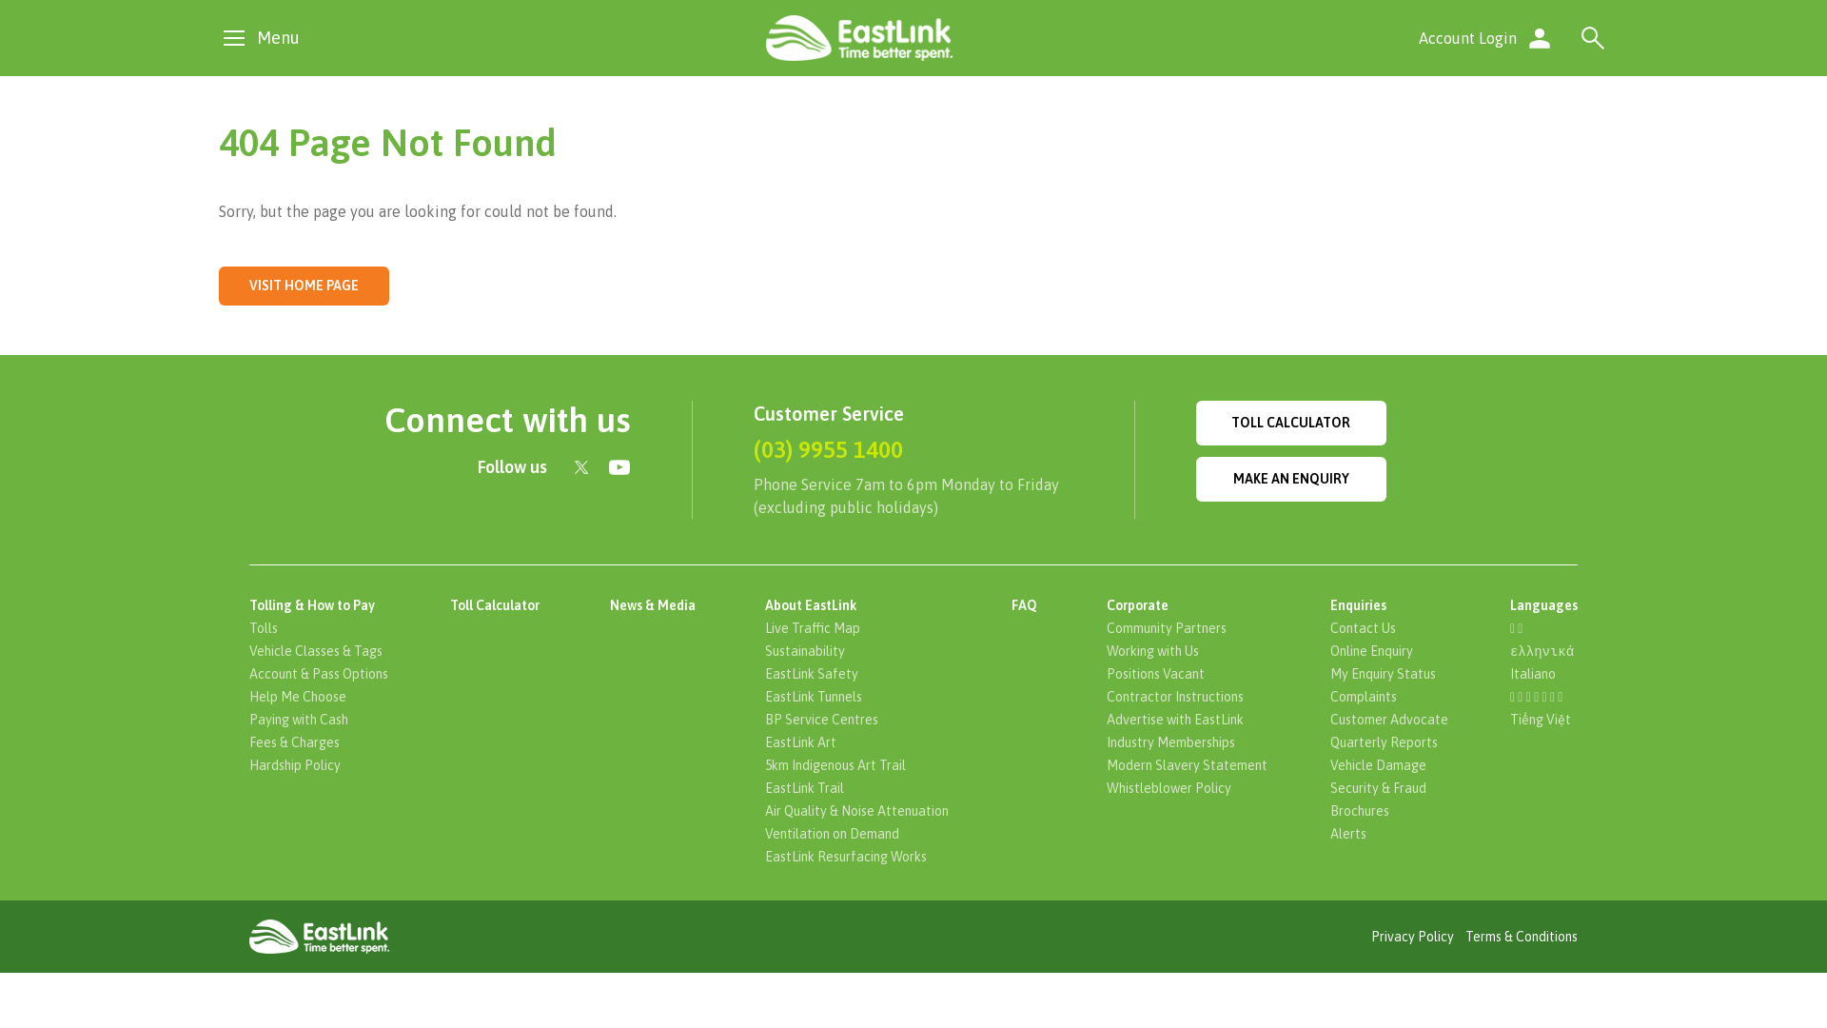 The height and width of the screenshot is (1028, 1827). What do you see at coordinates (1509, 605) in the screenshot?
I see `'Languages'` at bounding box center [1509, 605].